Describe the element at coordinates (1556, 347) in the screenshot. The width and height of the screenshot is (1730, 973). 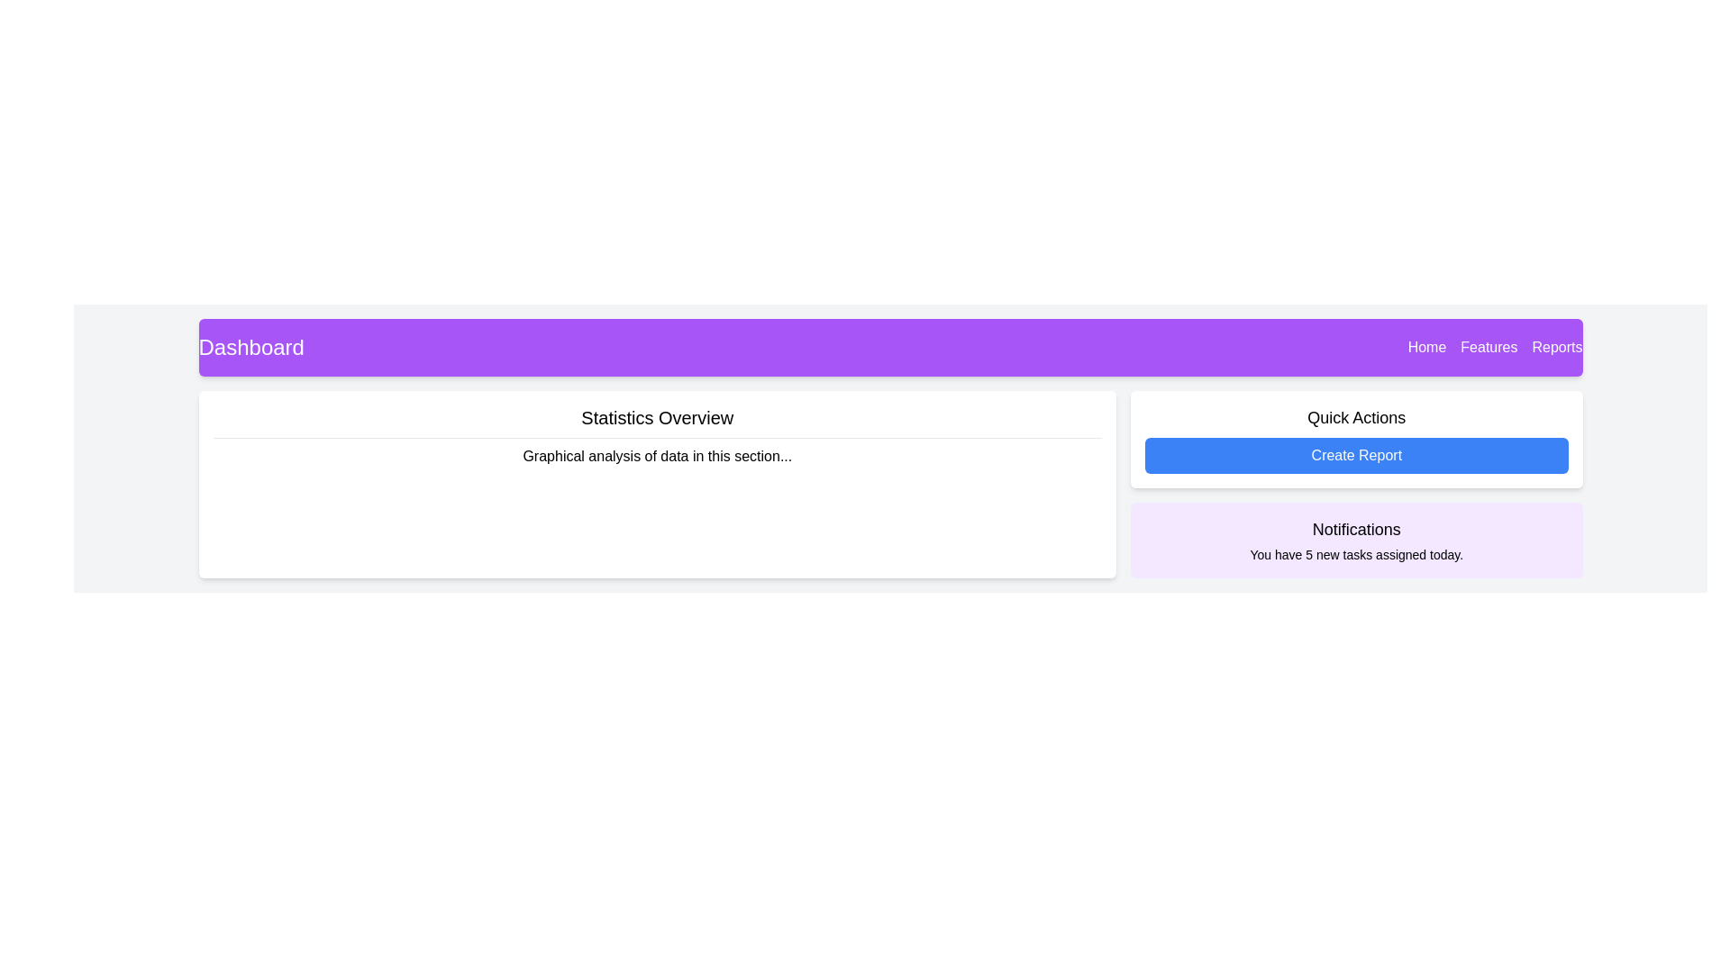
I see `the 'Reports' text label, which is the last item in the top navigation bar with a white font on a purple background` at that location.